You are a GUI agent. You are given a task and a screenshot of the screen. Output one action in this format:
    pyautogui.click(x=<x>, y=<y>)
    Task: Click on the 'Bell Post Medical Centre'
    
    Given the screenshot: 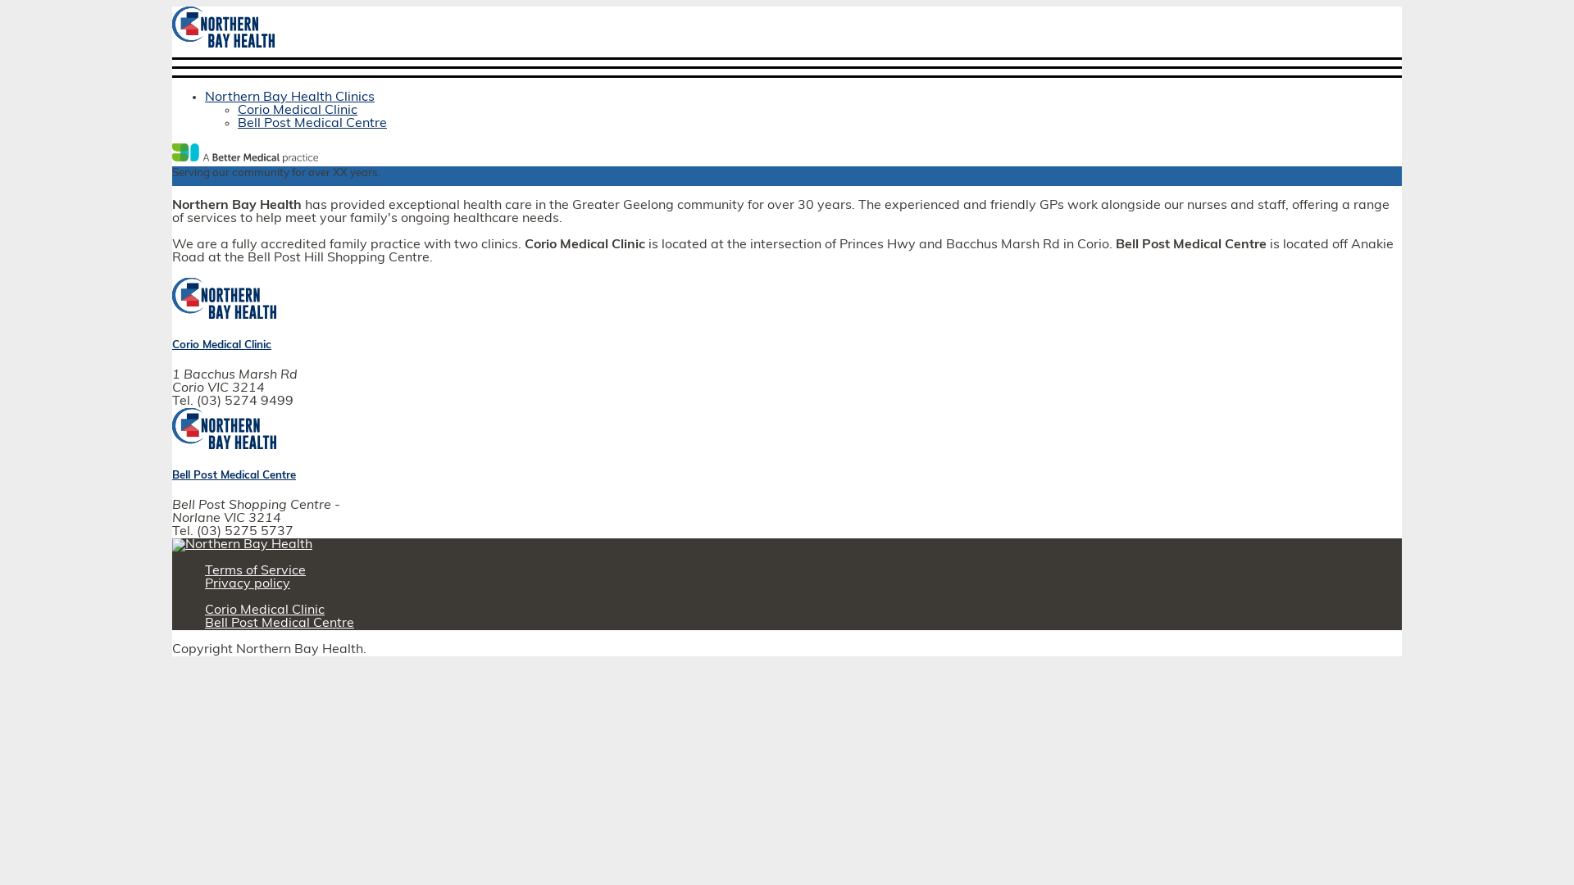 What is the action you would take?
    pyautogui.click(x=279, y=623)
    